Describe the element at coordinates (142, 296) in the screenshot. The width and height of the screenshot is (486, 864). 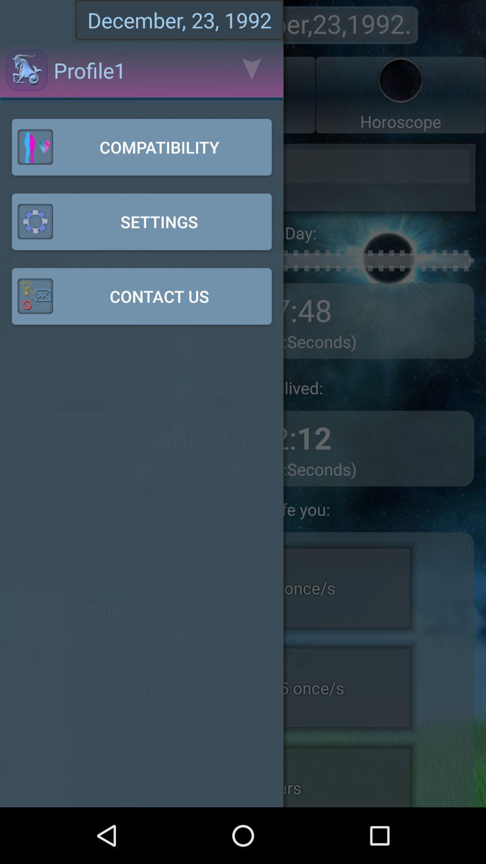
I see `contact us button` at that location.